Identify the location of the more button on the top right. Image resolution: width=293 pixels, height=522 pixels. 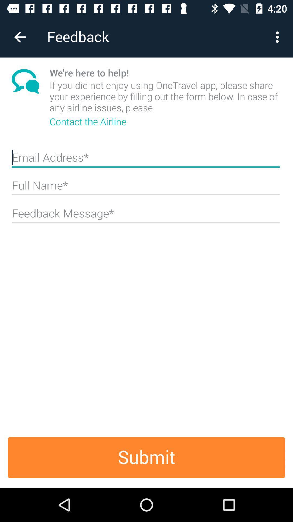
(279, 37).